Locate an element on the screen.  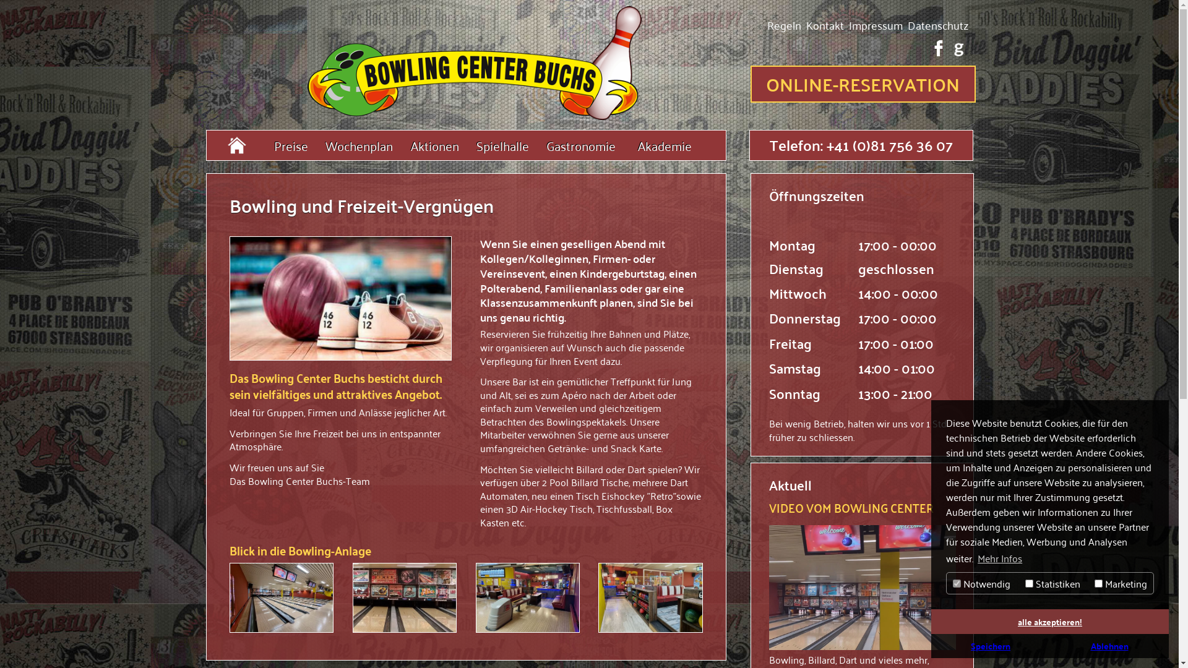
'facebook Bowling Center Buchs SG' is located at coordinates (938, 47).